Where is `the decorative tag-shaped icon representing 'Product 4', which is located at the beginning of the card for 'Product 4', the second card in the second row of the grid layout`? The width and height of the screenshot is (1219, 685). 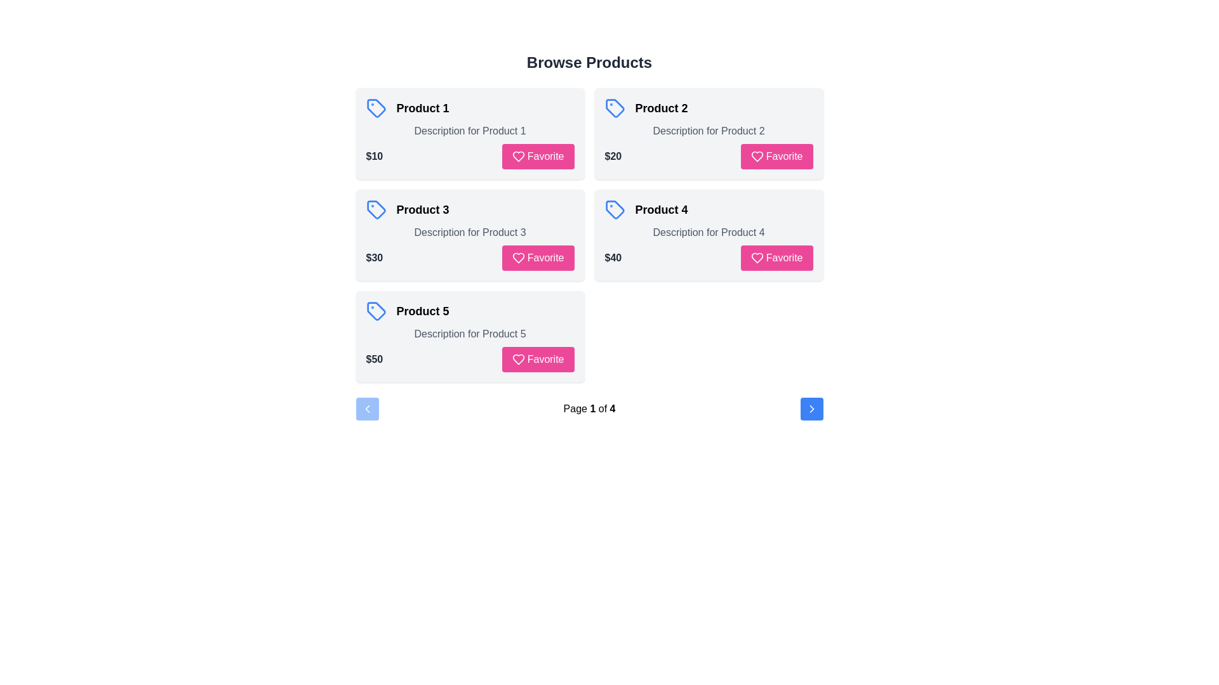 the decorative tag-shaped icon representing 'Product 4', which is located at the beginning of the card for 'Product 4', the second card in the second row of the grid layout is located at coordinates (615, 209).